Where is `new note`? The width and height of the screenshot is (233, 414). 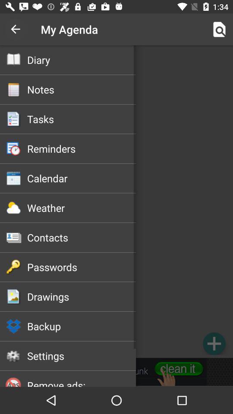 new note is located at coordinates (214, 343).